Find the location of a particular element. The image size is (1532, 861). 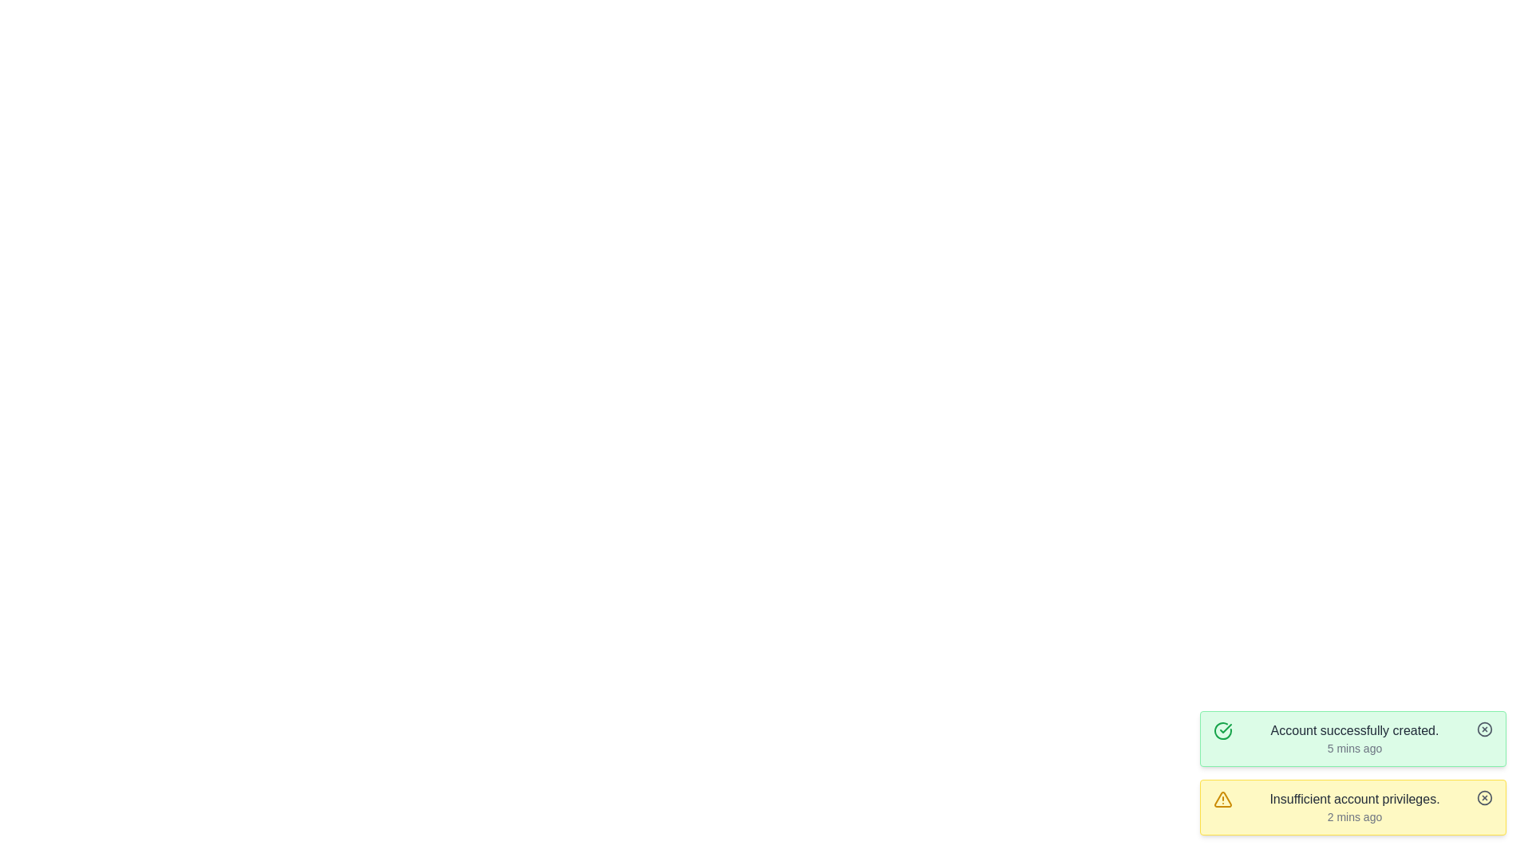

the warning icon located at the leftmost side of the yellow notification bar that conveys the message 'Insufficient account privileges. 2 mins ago' is located at coordinates (1222, 799).